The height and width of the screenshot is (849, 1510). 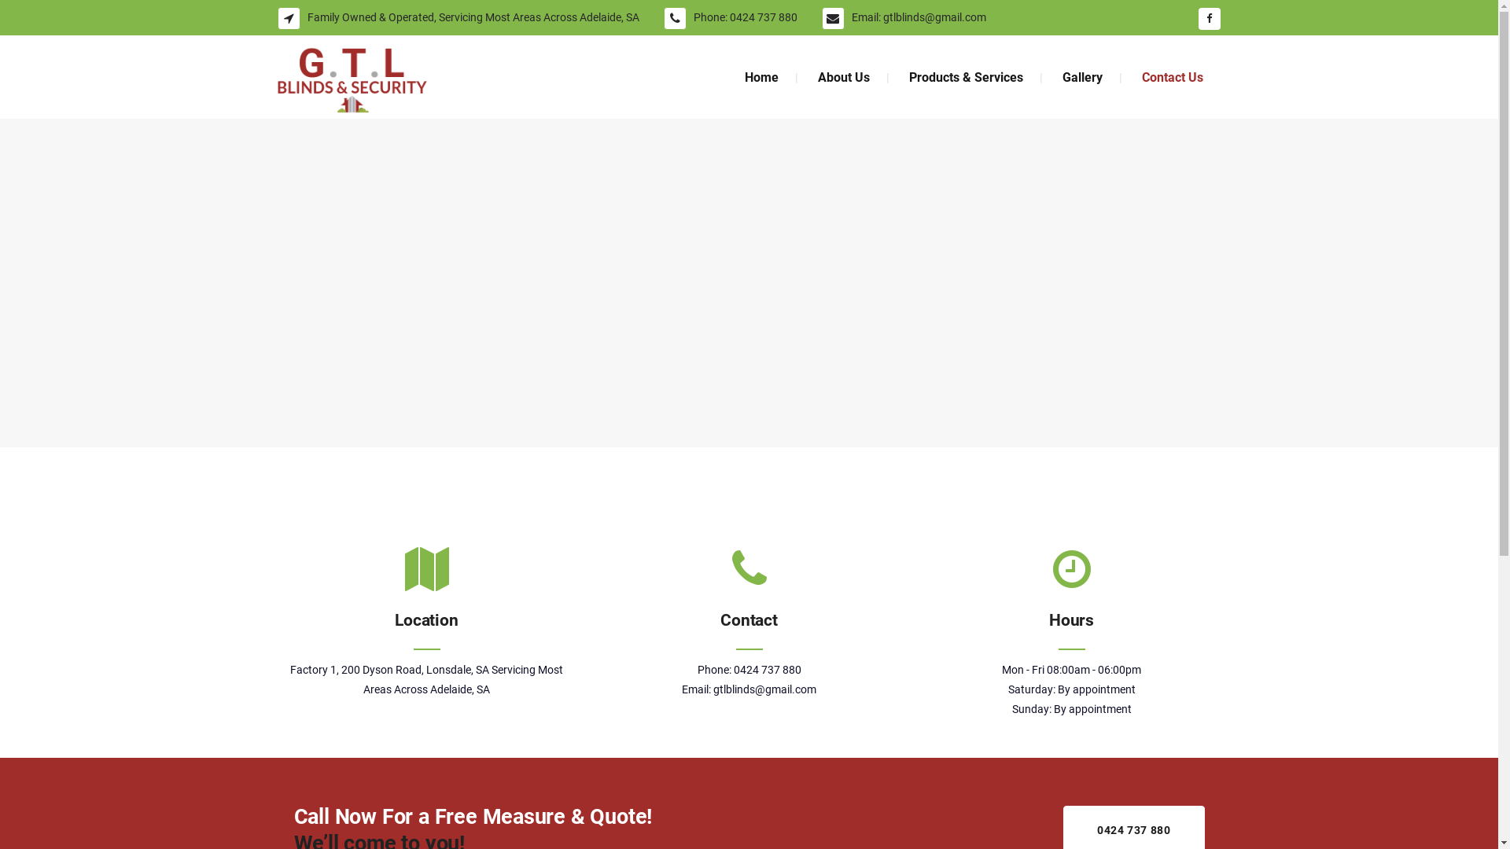 I want to click on 'About Us', so click(x=842, y=77).